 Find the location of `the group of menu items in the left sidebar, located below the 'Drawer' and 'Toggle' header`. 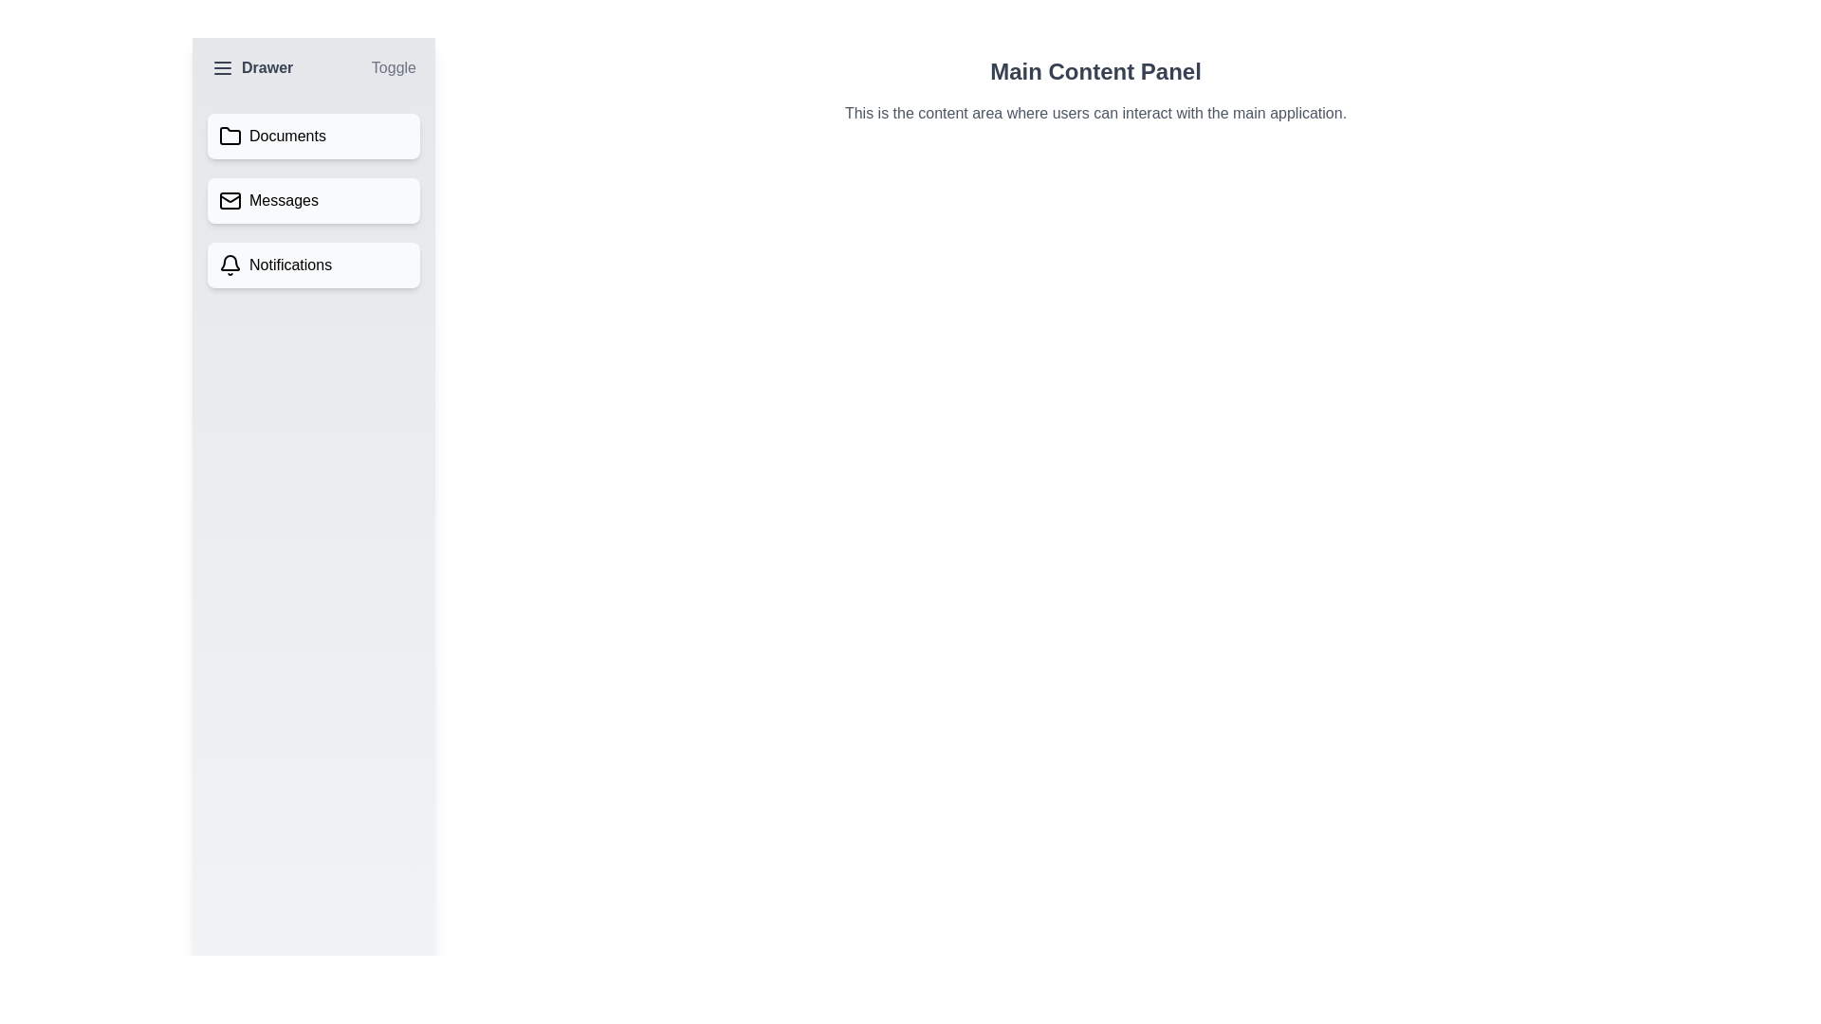

the group of menu items in the left sidebar, located below the 'Drawer' and 'Toggle' header is located at coordinates (314, 201).